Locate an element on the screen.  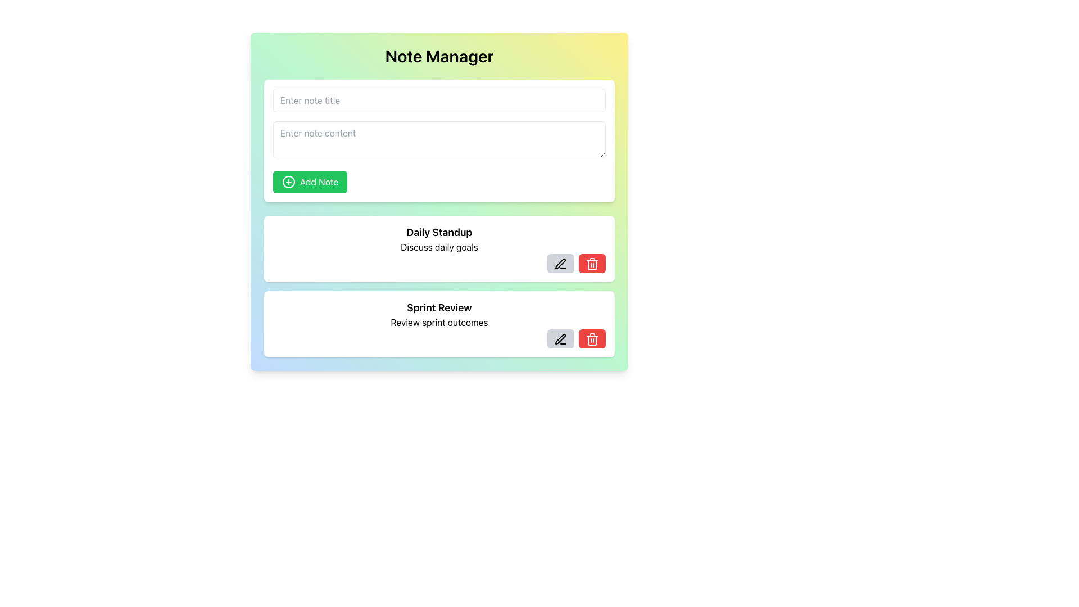
the 'Daily Standup' text label, which is styled with a bold and larger font size and located at the top of a white card below the 'Add Note' button is located at coordinates (439, 232).